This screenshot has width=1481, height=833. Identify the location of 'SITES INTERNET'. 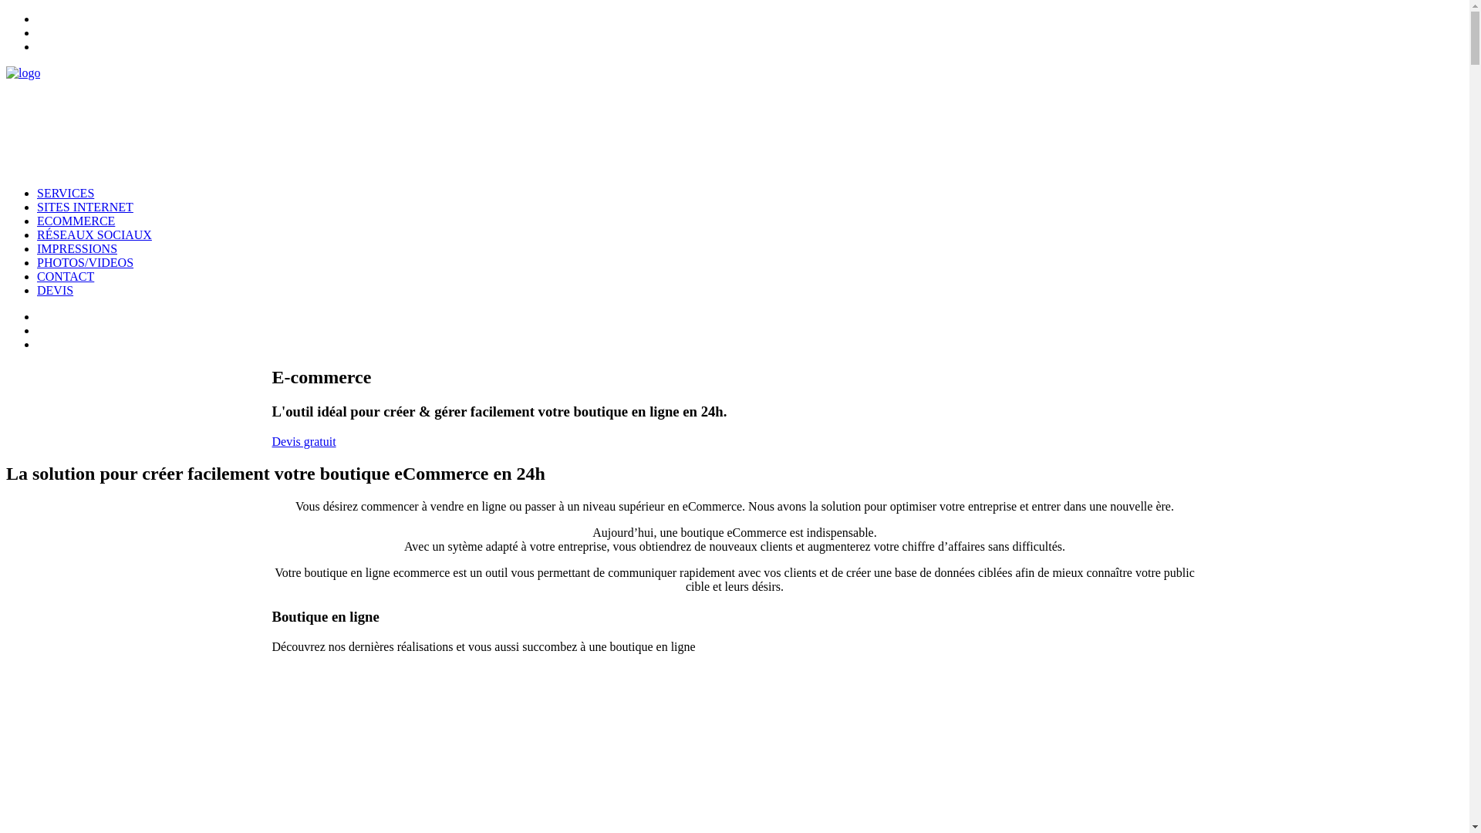
(84, 206).